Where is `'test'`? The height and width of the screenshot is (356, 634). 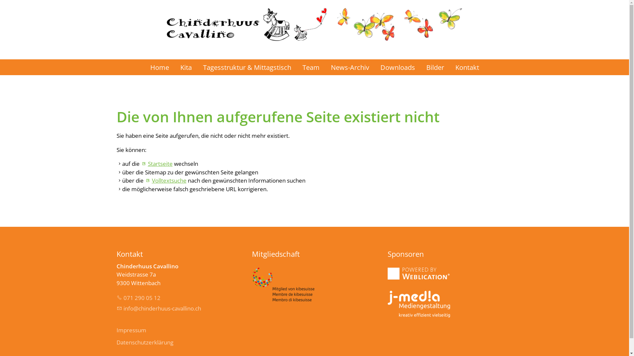 'test' is located at coordinates (388, 304).